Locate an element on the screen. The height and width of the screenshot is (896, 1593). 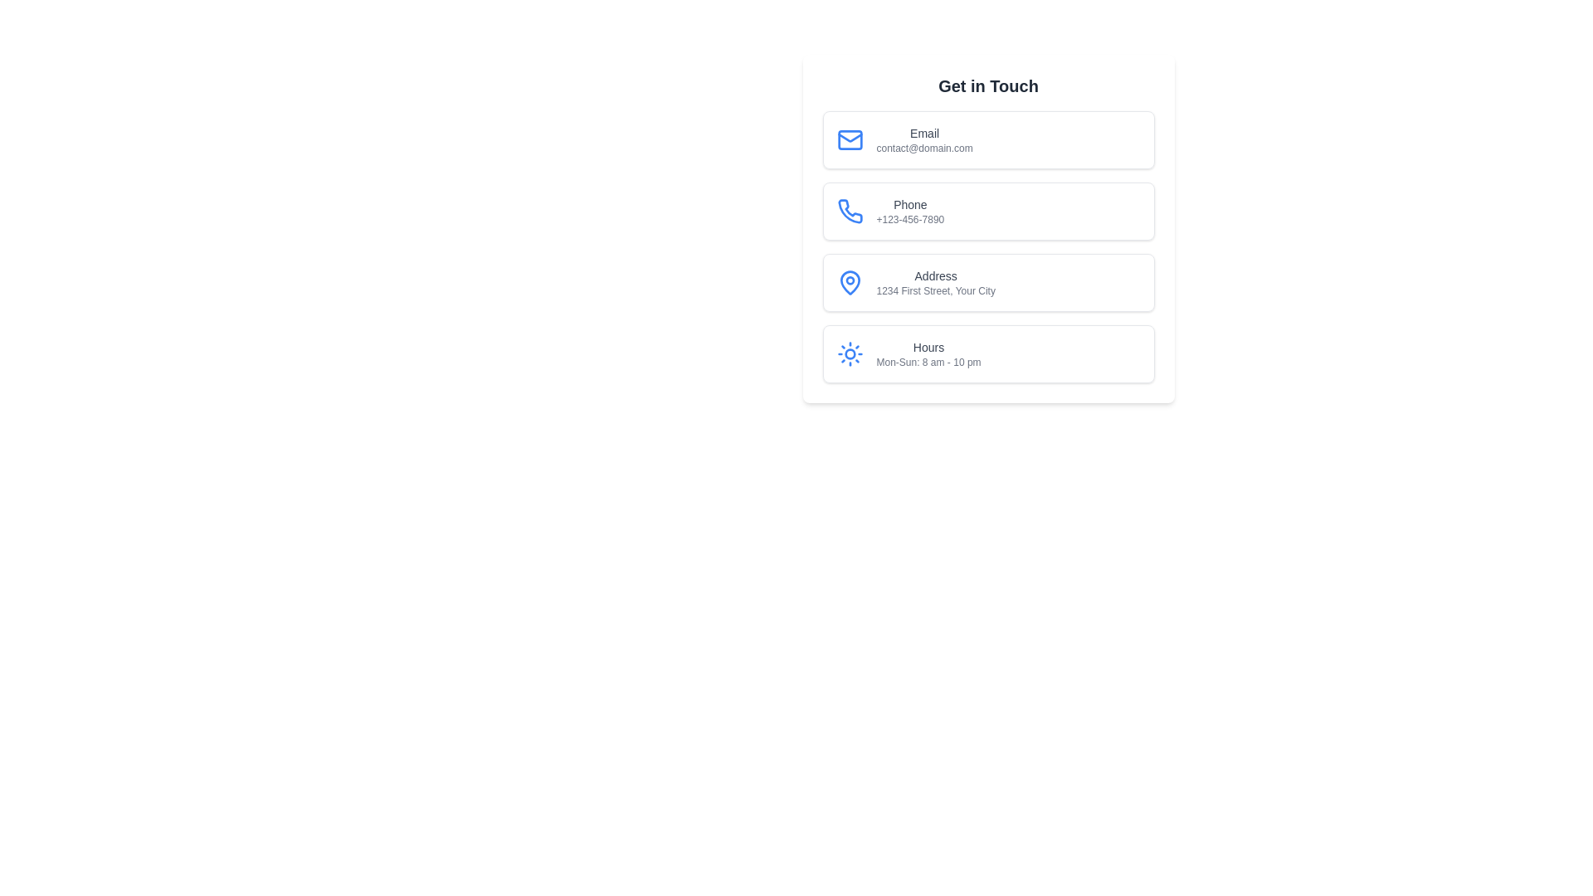
the blue circular SVG element with a white outline, positioned at the center of the sun icon in the fourth row of the contact information list in the 'Get in Touch' section is located at coordinates (850, 353).